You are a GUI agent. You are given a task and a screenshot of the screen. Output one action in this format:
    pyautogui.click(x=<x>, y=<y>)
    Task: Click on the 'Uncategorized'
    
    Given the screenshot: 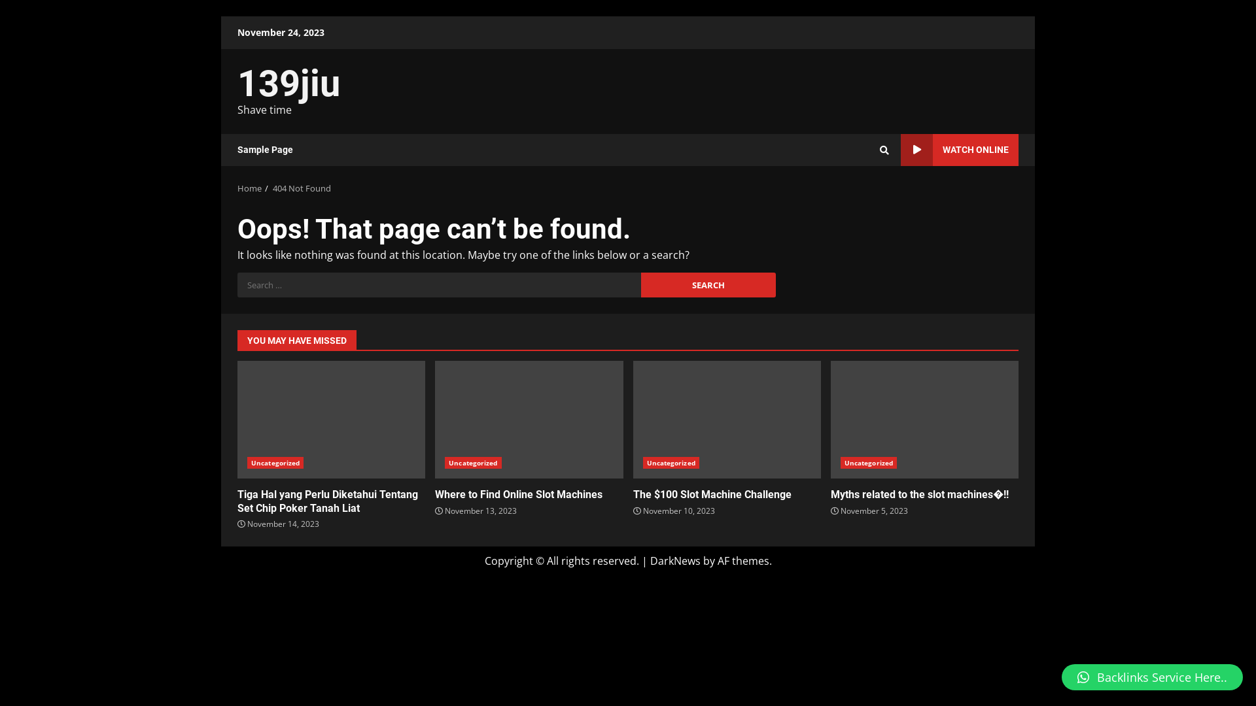 What is the action you would take?
    pyautogui.click(x=275, y=462)
    